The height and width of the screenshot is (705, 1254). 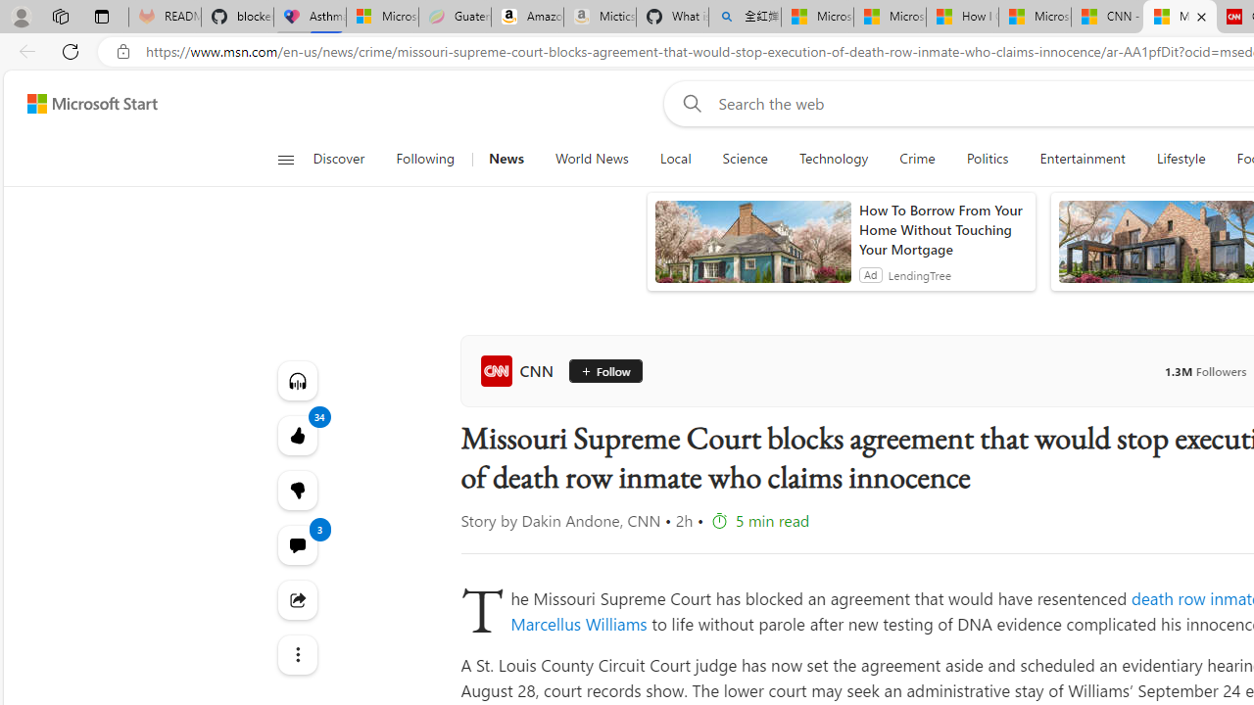 I want to click on 'Local', so click(x=675, y=159).